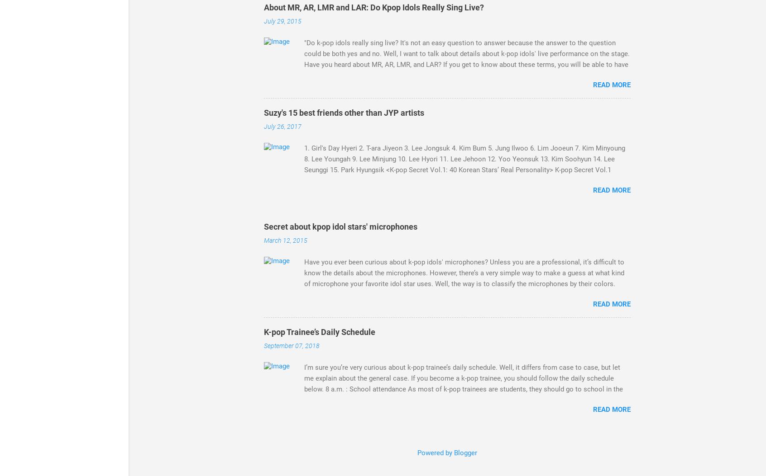 The height and width of the screenshot is (476, 766). What do you see at coordinates (447, 452) in the screenshot?
I see `'Powered by Blogger'` at bounding box center [447, 452].